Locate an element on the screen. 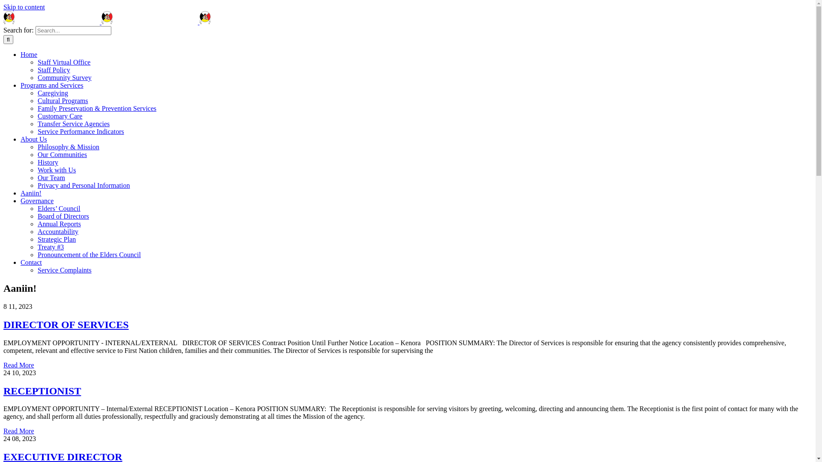  'Customary Care' is located at coordinates (59, 116).